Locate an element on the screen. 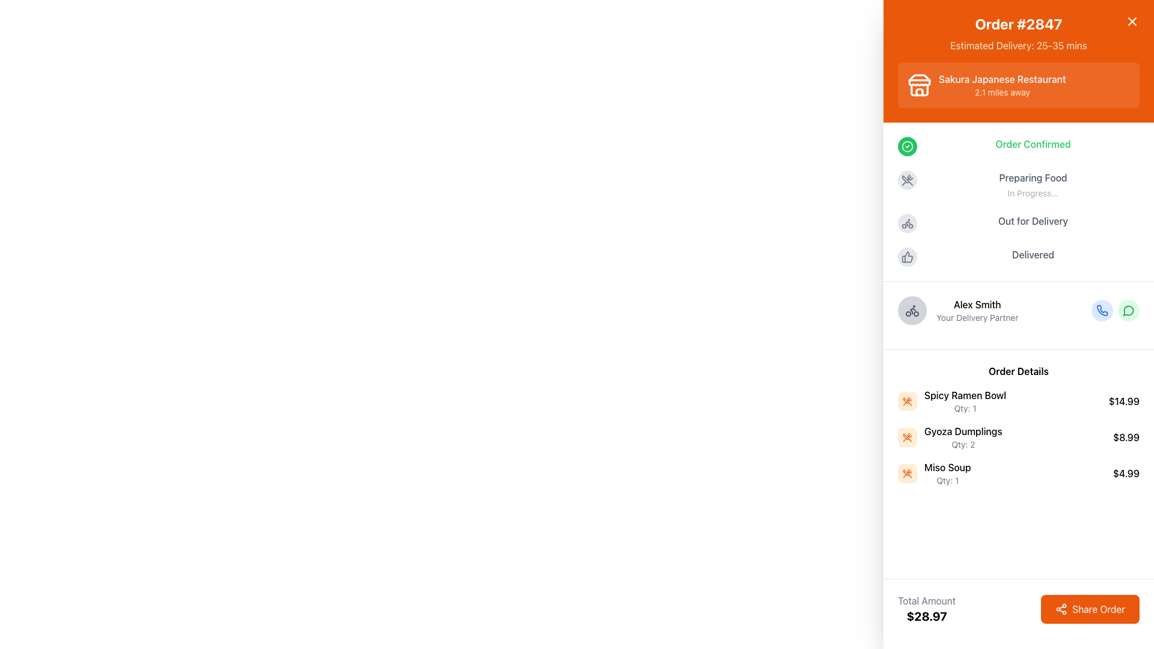 The height and width of the screenshot is (649, 1154). text label that says 'Sakura Japanese Restaurant', which is styled in bold white font on an orange background, located in the upper section of the interface near the top-right corner is located at coordinates (1002, 79).